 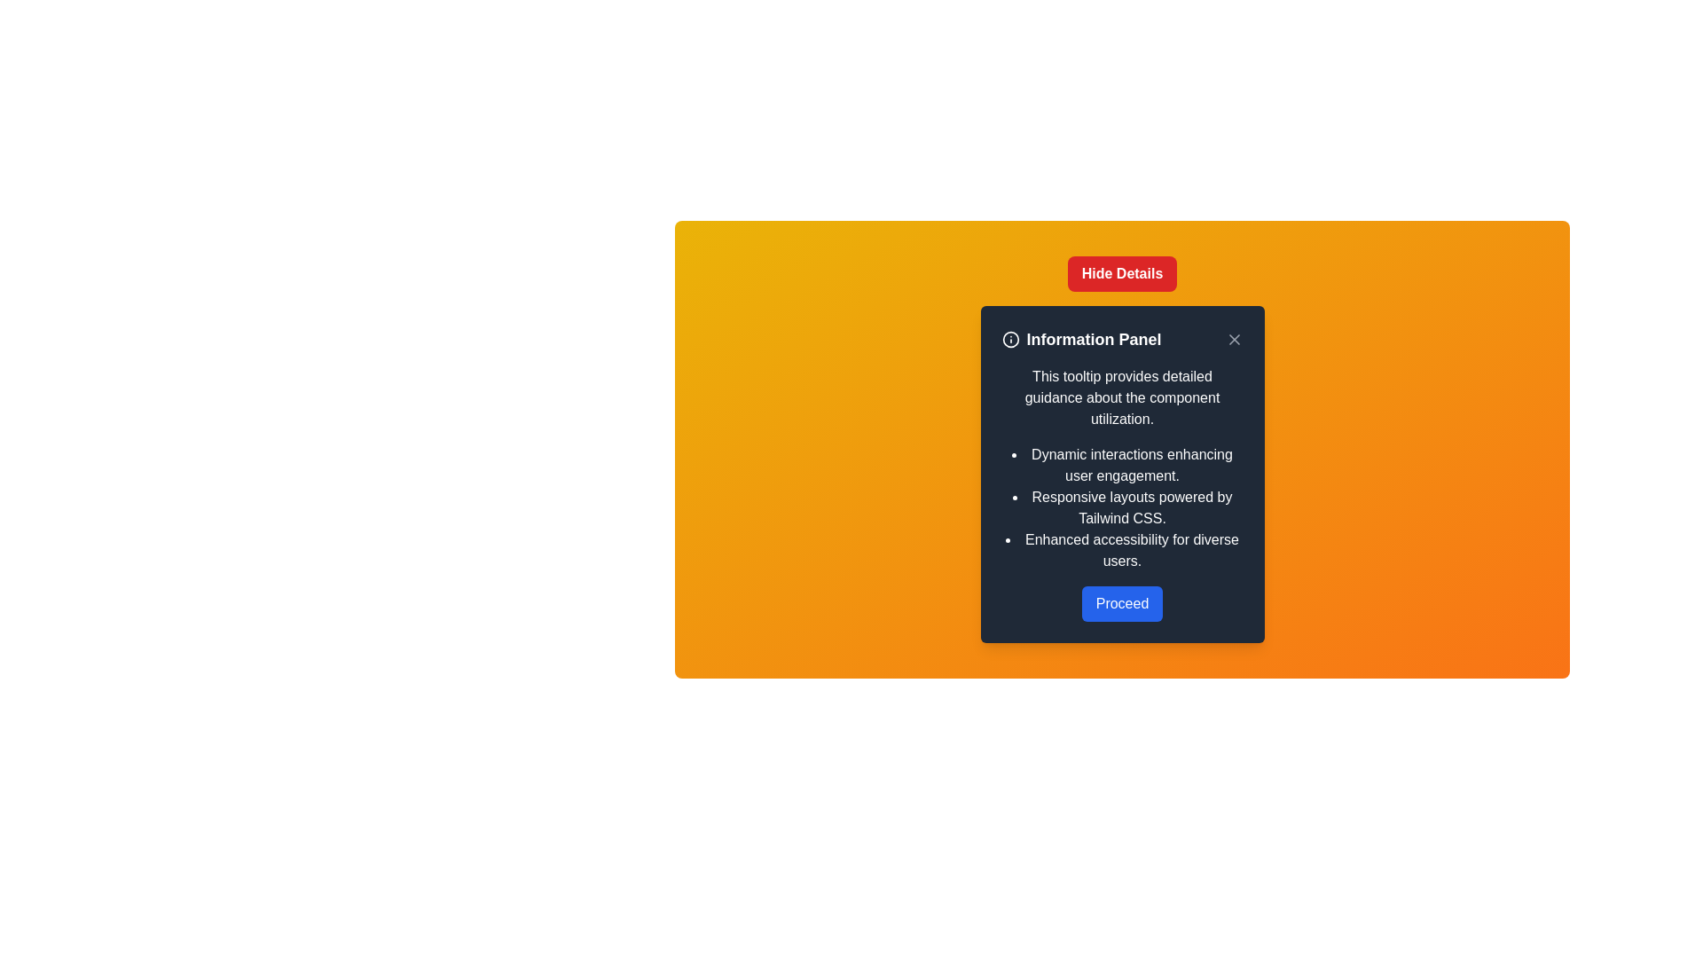 What do you see at coordinates (1121, 474) in the screenshot?
I see `the informational popup panel that provides guidance on the component's capabilities, located centrally below the 'Hide Details' button and surrounded by a gradient orange background` at bounding box center [1121, 474].